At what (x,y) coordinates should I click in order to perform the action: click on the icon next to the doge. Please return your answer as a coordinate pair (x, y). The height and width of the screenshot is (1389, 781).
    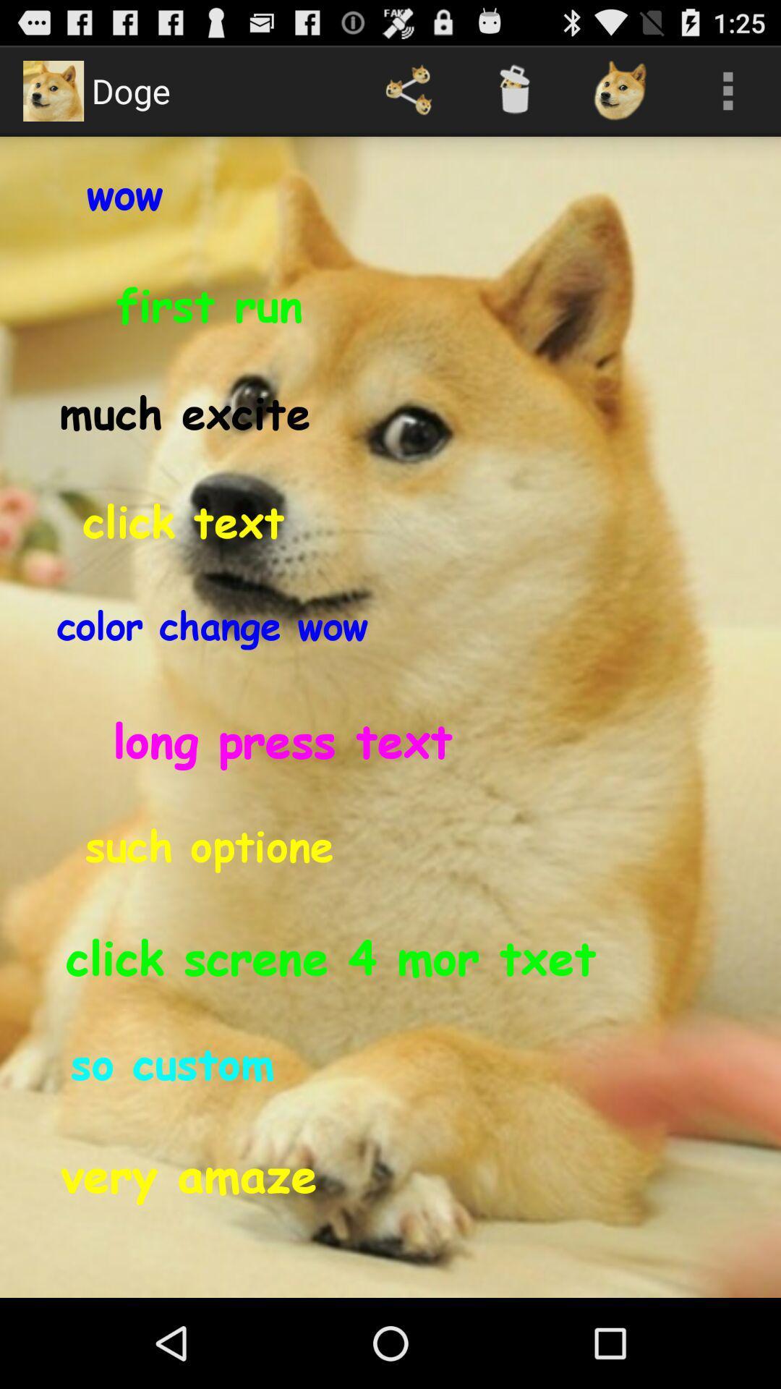
    Looking at the image, I should click on (409, 90).